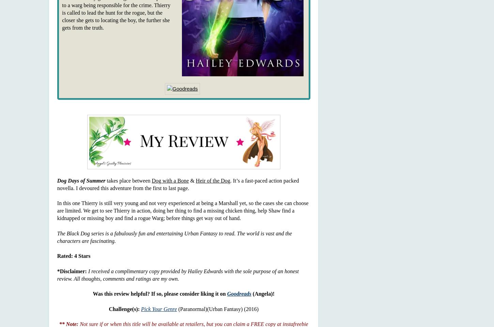  I want to click on 'Pick Your Genre', so click(158, 309).